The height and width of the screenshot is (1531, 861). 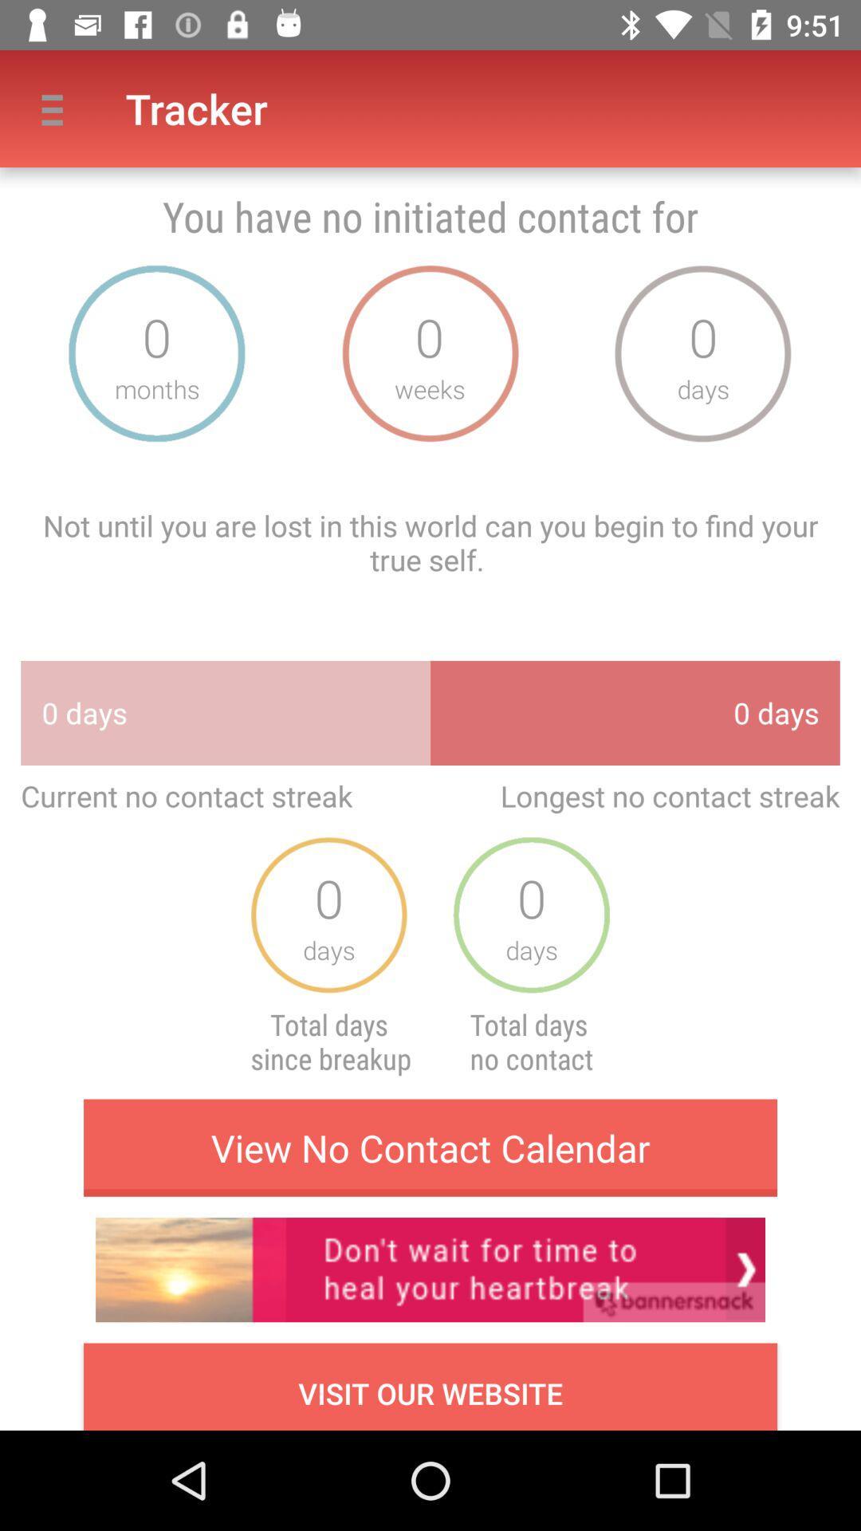 I want to click on open link, so click(x=431, y=1269).